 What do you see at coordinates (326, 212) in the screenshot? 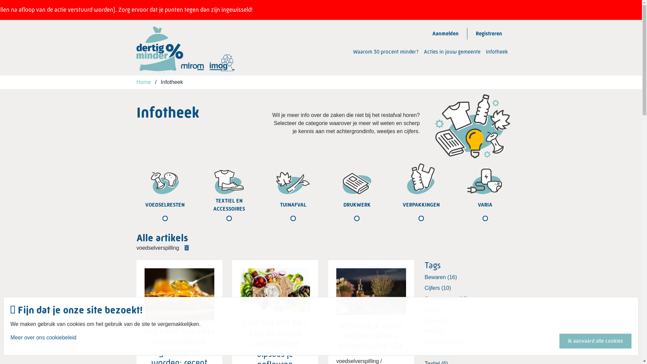
I see `'4'` at bounding box center [326, 212].